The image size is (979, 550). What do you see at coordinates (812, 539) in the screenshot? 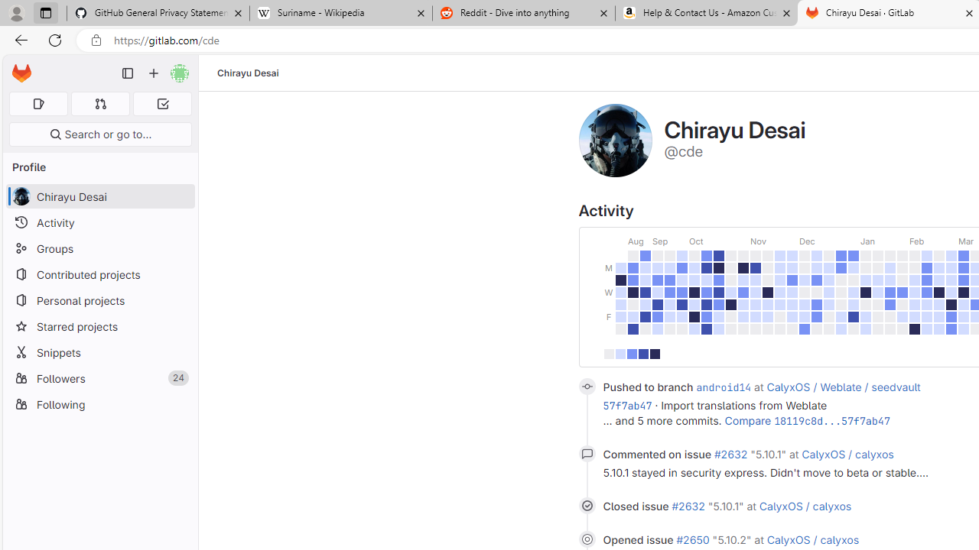
I see `'CalyxOS / calyxos'` at bounding box center [812, 539].